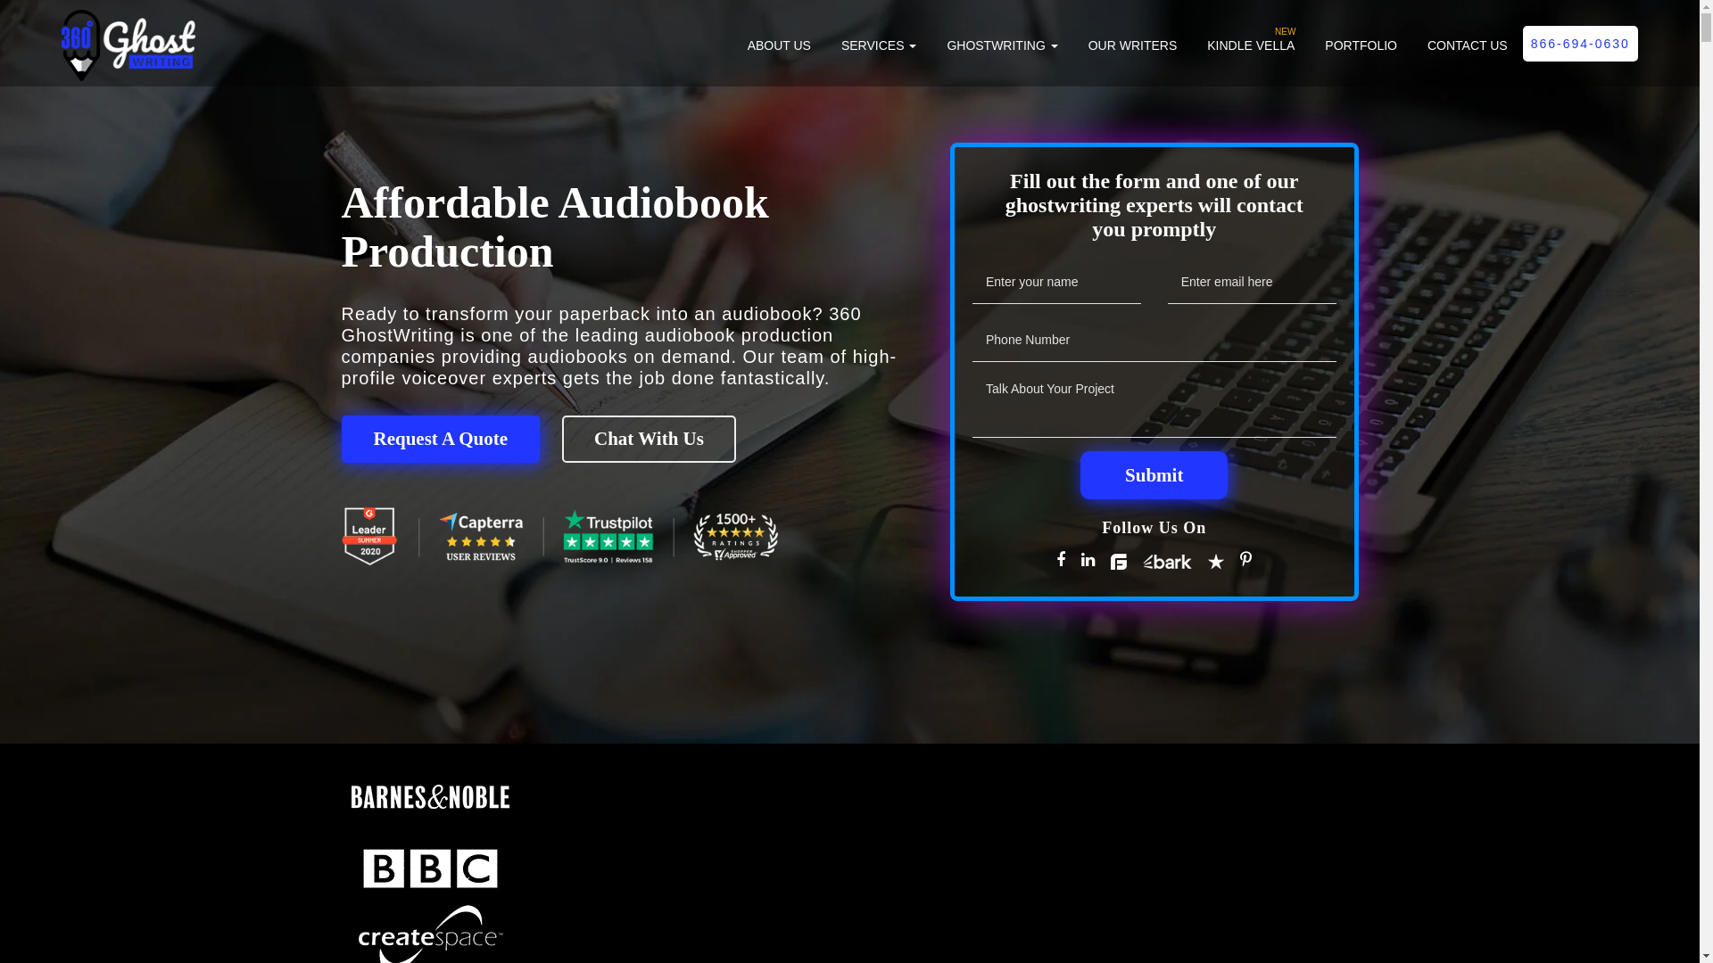  I want to click on 'NEW, so click(1249, 53).